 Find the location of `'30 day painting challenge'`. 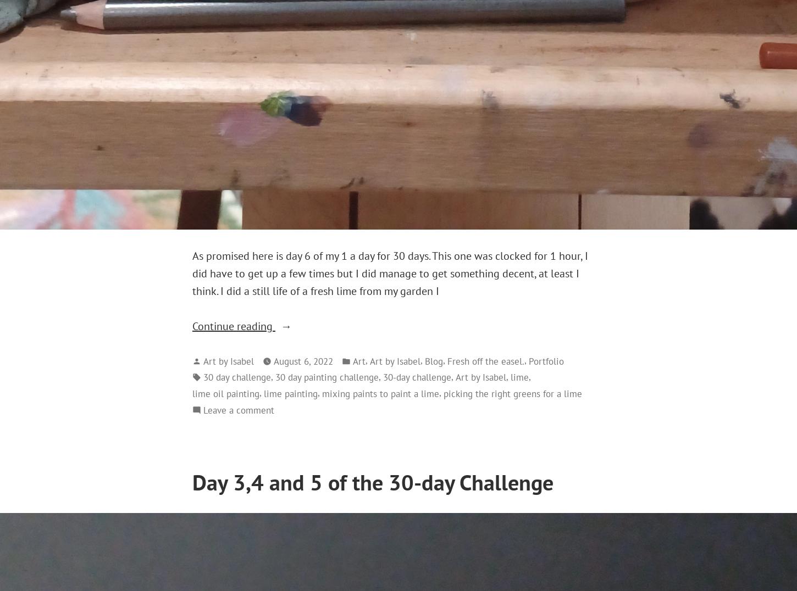

'30 day painting challenge' is located at coordinates (326, 377).